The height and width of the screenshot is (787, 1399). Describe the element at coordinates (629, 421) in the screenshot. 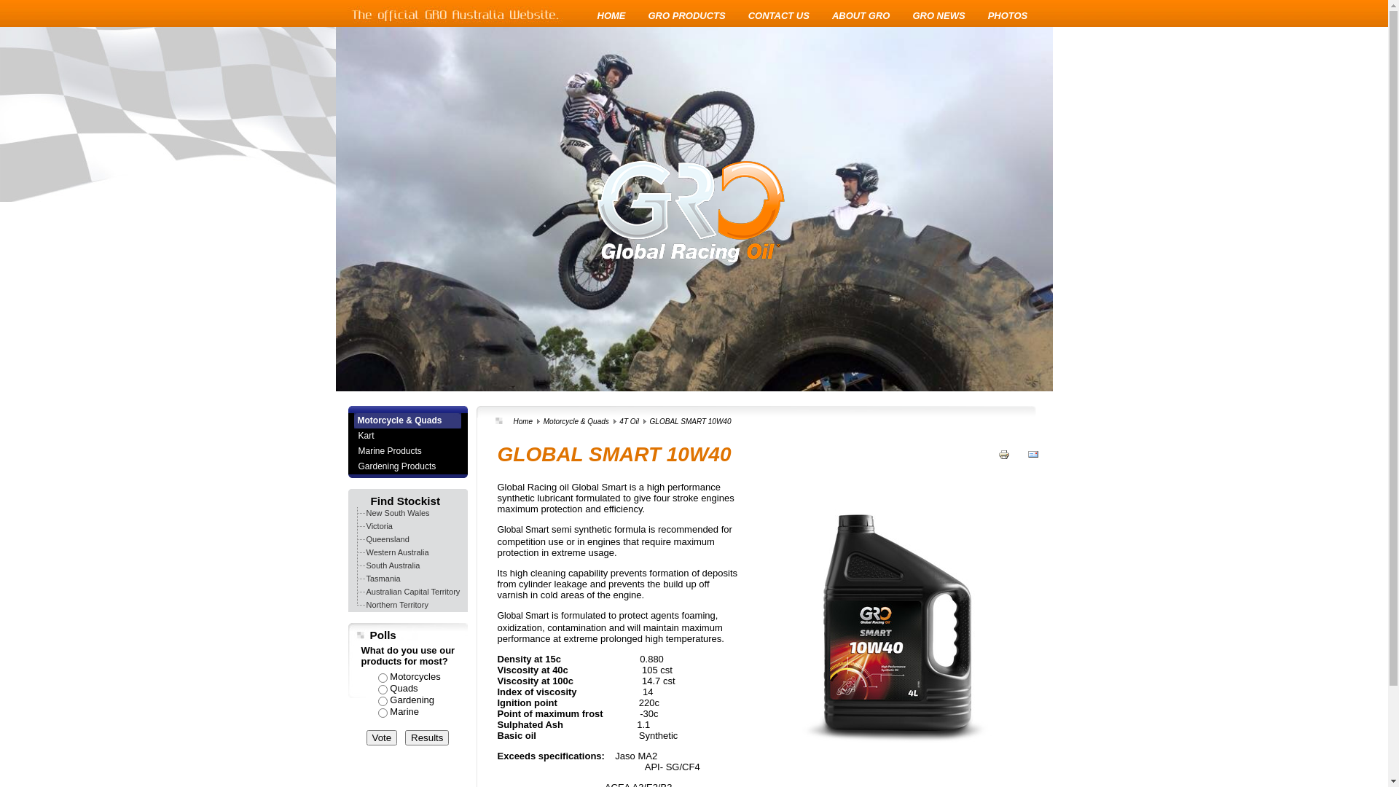

I see `'4T Oil'` at that location.